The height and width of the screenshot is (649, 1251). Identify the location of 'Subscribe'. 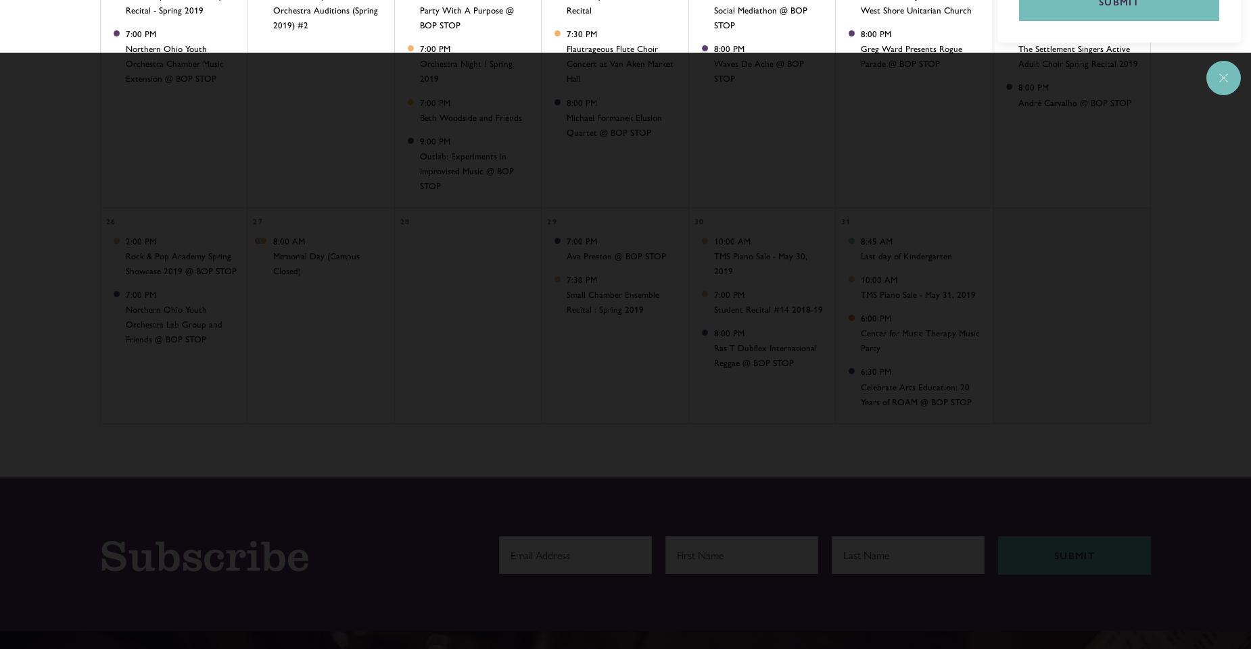
(204, 554).